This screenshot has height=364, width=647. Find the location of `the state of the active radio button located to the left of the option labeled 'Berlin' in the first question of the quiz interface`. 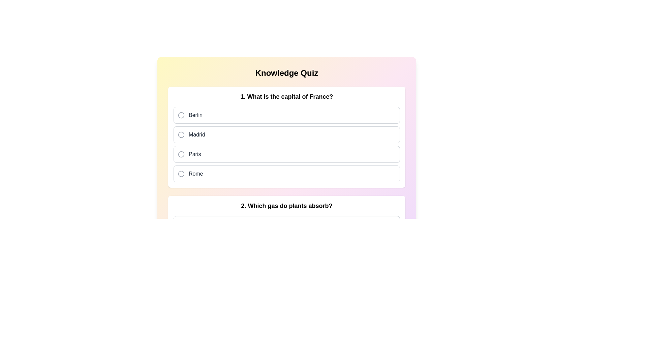

the state of the active radio button located to the left of the option labeled 'Berlin' in the first question of the quiz interface is located at coordinates (181, 115).